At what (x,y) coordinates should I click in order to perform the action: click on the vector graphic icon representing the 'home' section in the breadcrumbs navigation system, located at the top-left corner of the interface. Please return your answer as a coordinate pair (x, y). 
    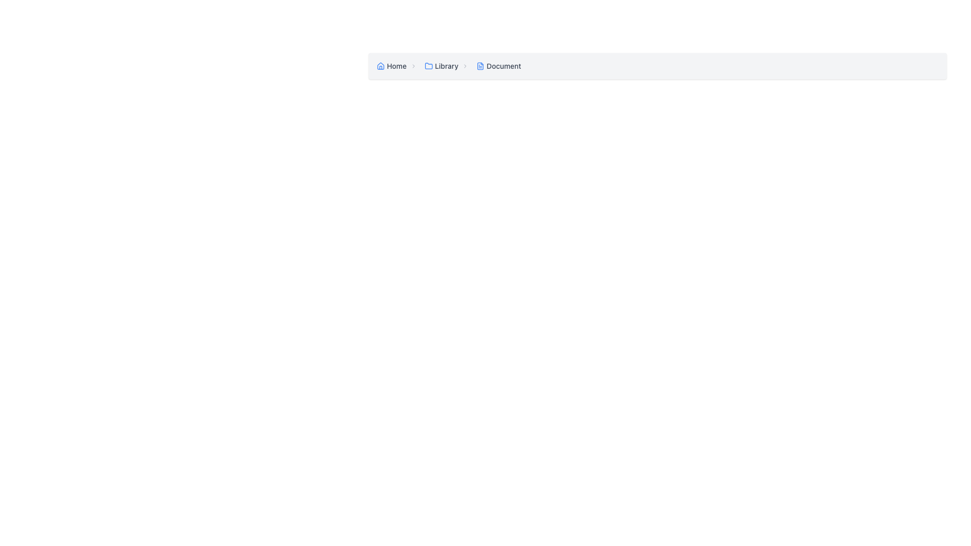
    Looking at the image, I should click on (380, 66).